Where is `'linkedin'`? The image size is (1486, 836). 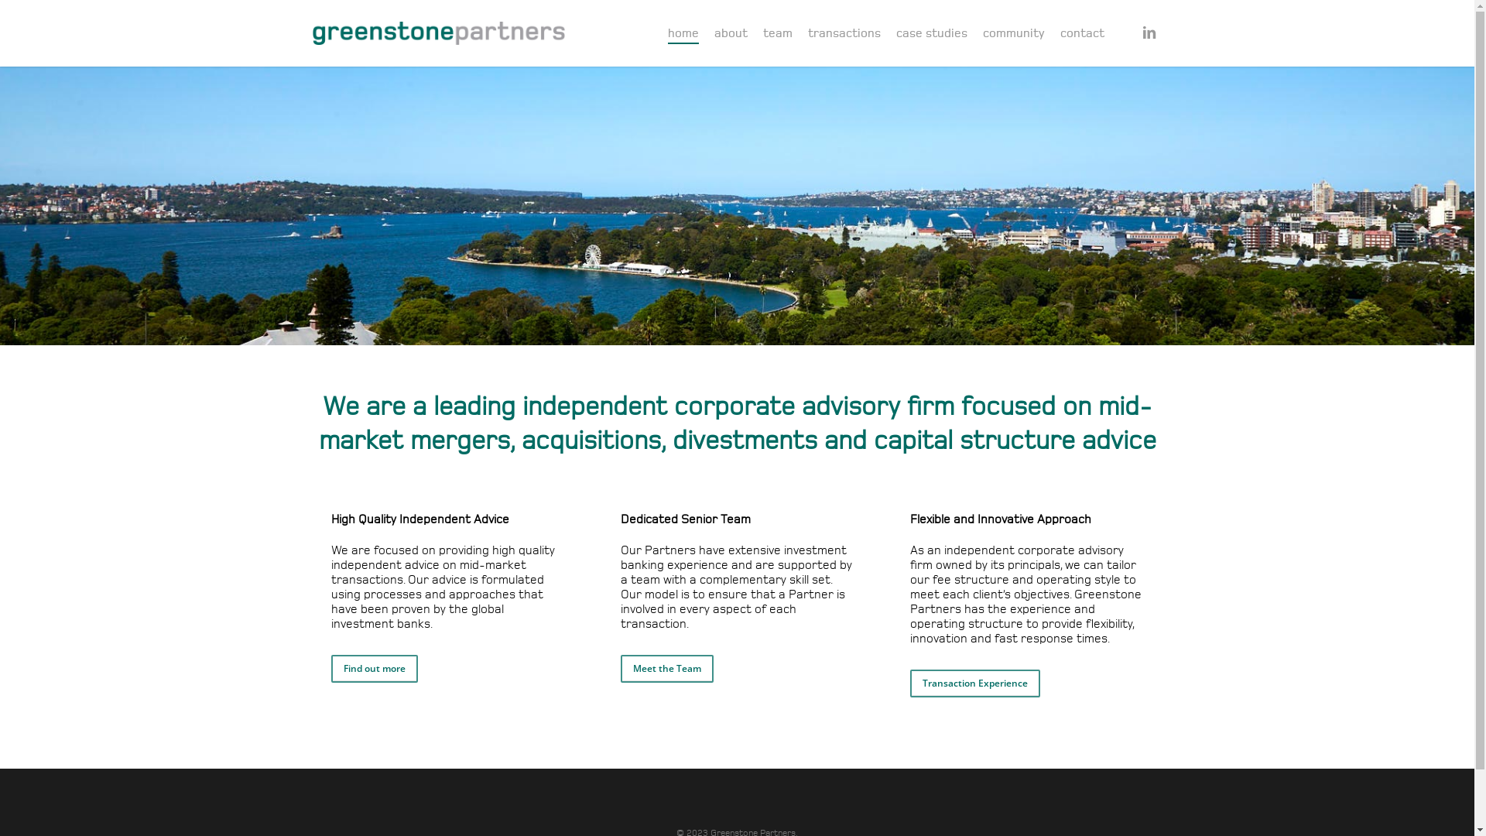
'linkedin' is located at coordinates (1148, 33).